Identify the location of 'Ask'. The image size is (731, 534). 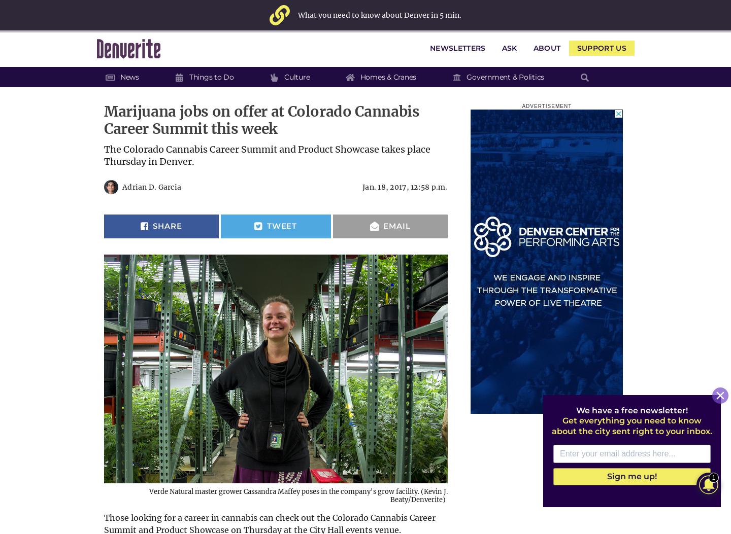
(501, 47).